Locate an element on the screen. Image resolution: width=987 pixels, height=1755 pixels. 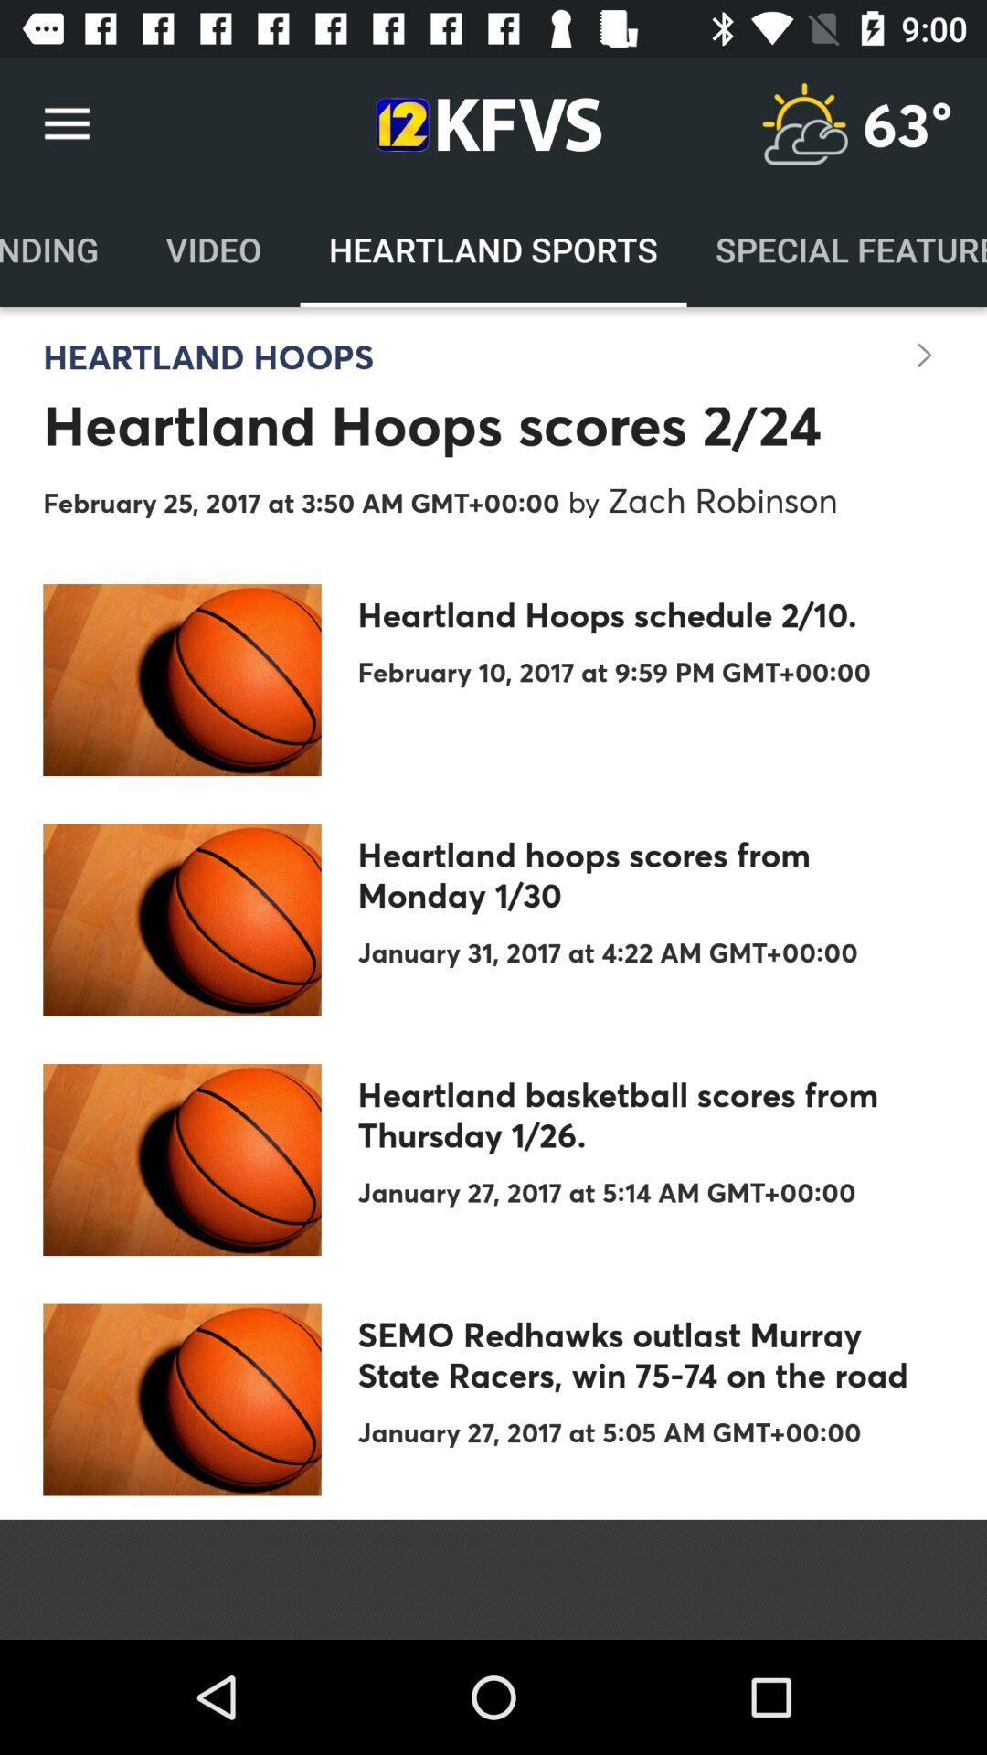
the item above the special features icon is located at coordinates (907, 123).